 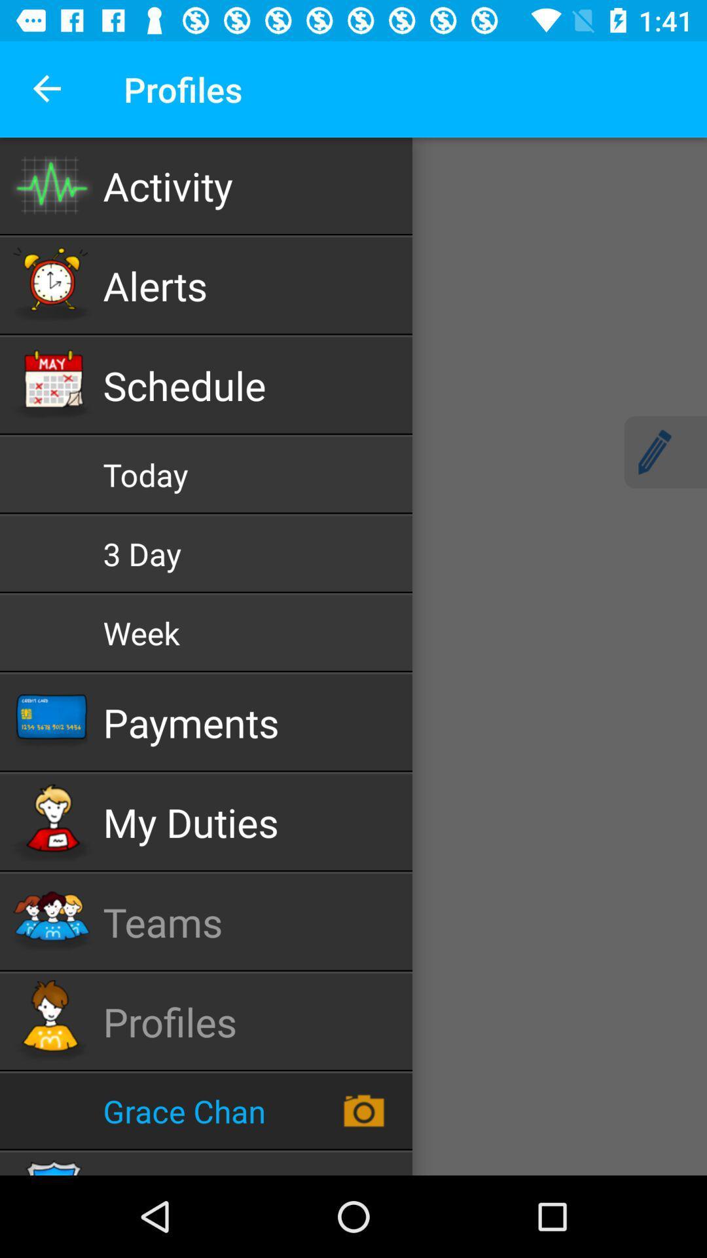 I want to click on the clock icon beside alerts option, so click(x=50, y=284).